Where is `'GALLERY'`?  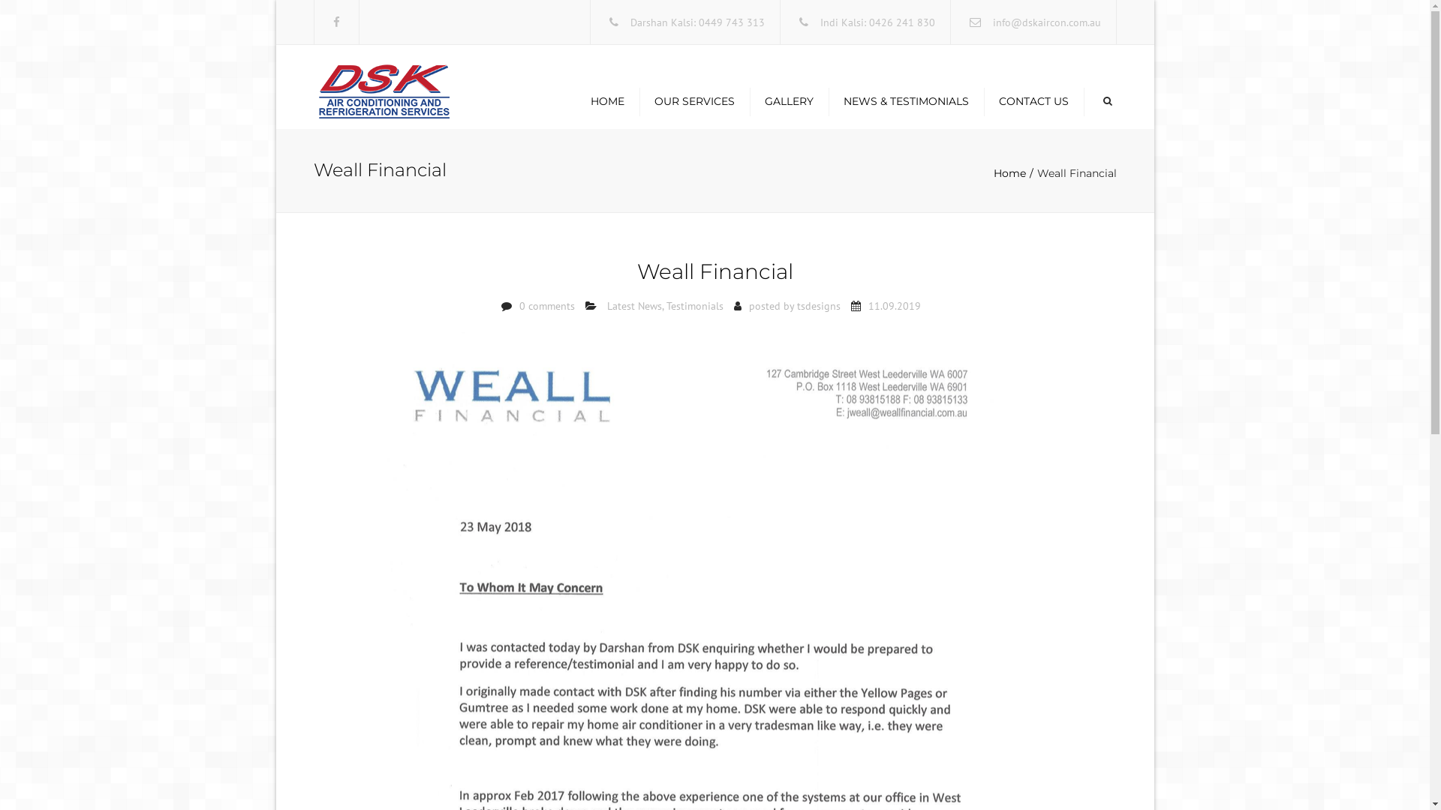
'GALLERY' is located at coordinates (787, 101).